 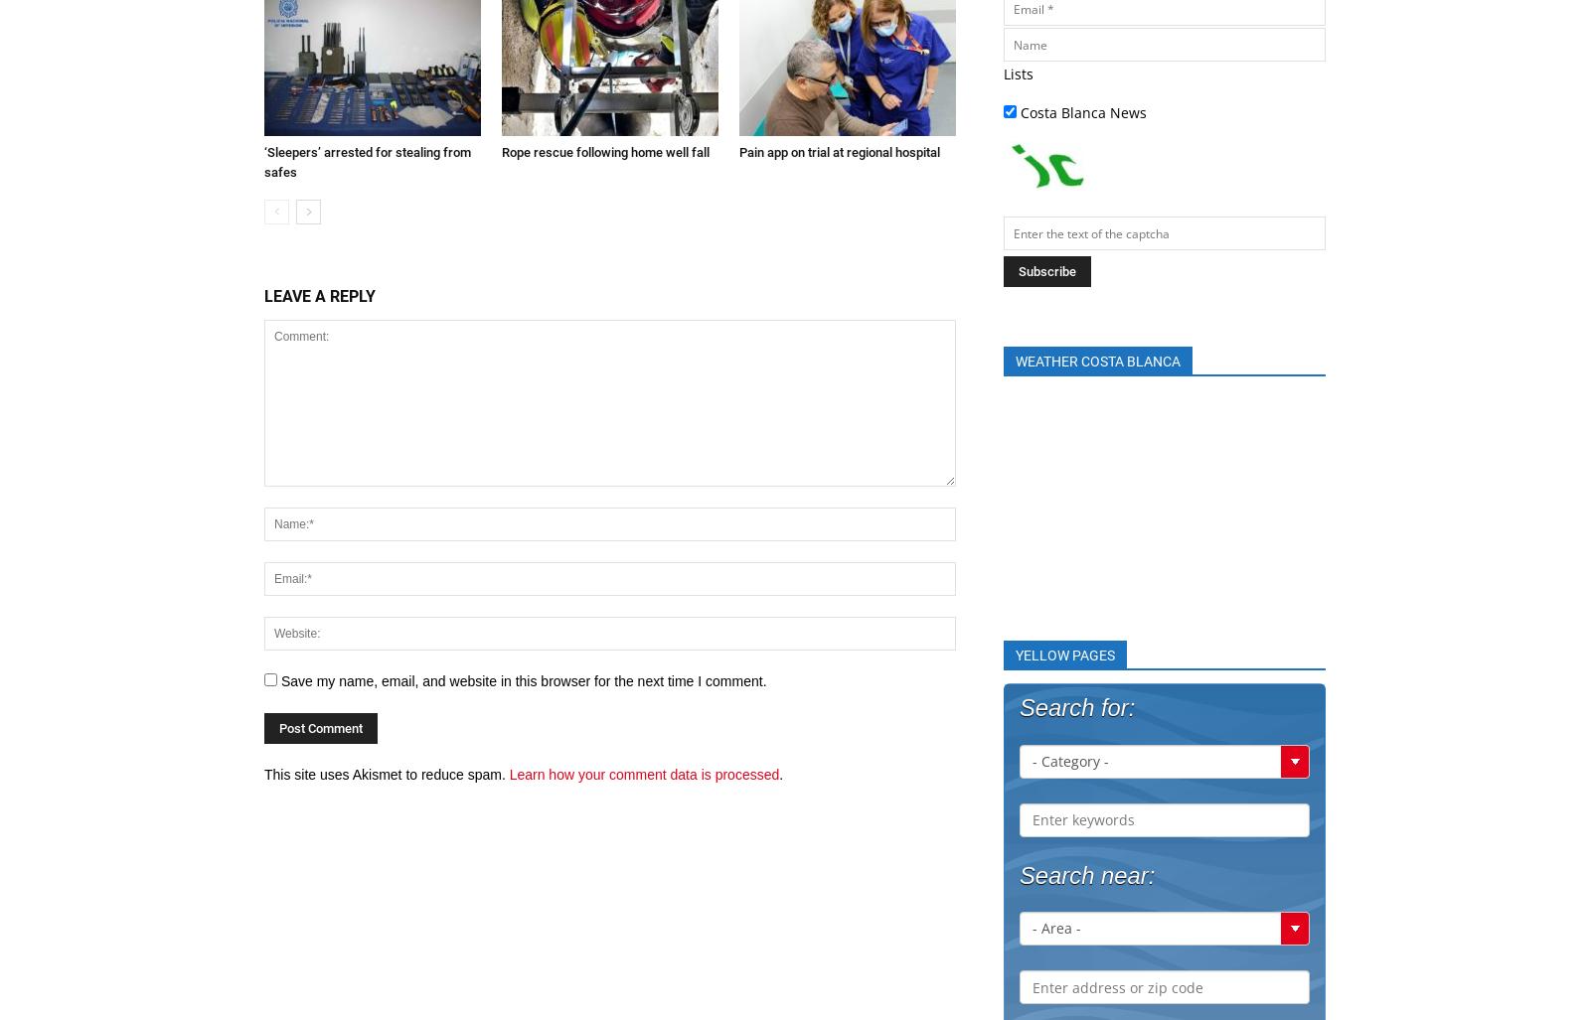 I want to click on '‘Sleepers’ arrested for stealing from safes', so click(x=368, y=161).